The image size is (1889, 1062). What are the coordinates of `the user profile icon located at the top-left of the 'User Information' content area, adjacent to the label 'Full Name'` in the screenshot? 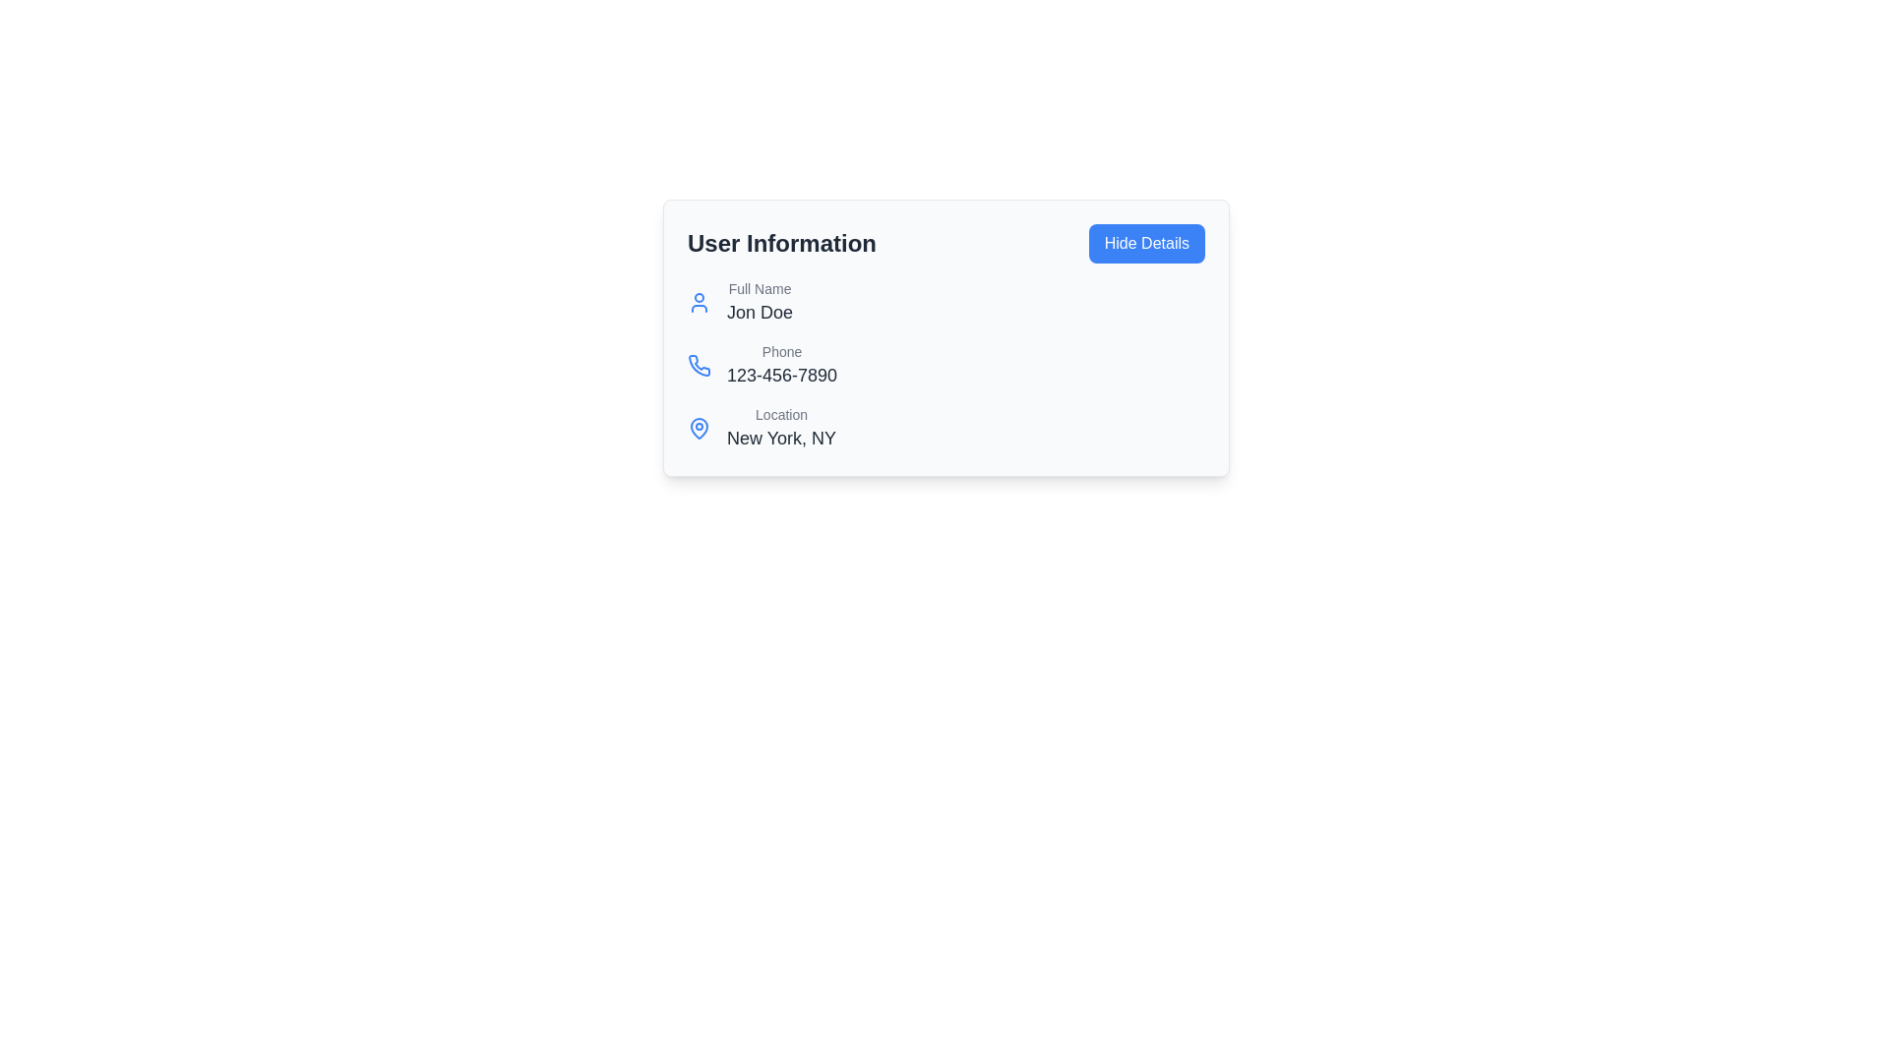 It's located at (699, 303).